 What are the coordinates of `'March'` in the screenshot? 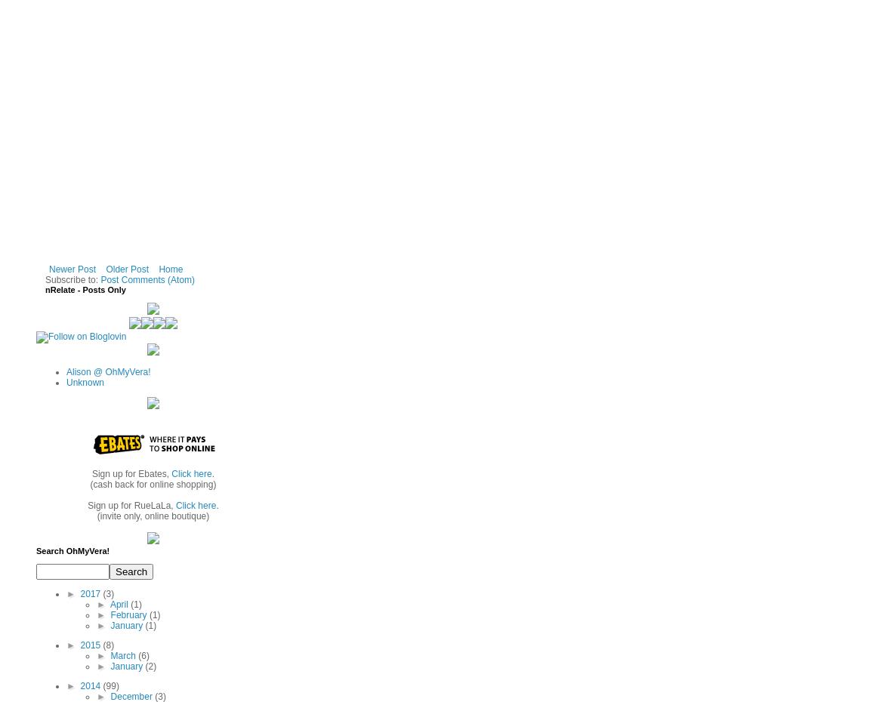 It's located at (124, 654).